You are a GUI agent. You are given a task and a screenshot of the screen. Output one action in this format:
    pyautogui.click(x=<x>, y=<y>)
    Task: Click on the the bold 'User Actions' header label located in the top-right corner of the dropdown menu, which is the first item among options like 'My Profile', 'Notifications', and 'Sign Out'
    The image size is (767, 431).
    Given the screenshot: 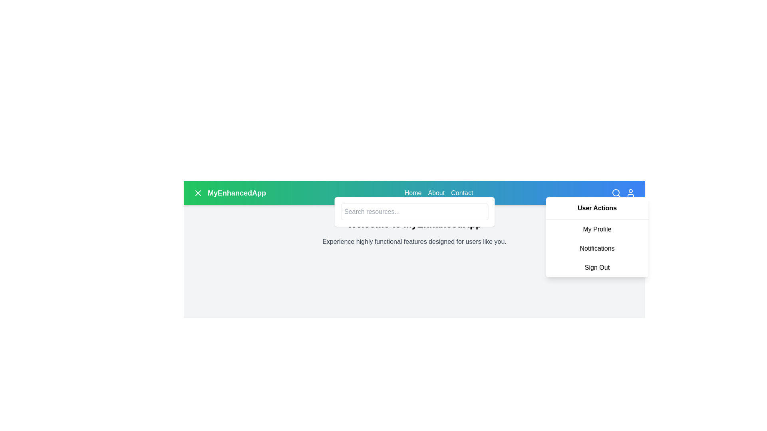 What is the action you would take?
    pyautogui.click(x=597, y=208)
    